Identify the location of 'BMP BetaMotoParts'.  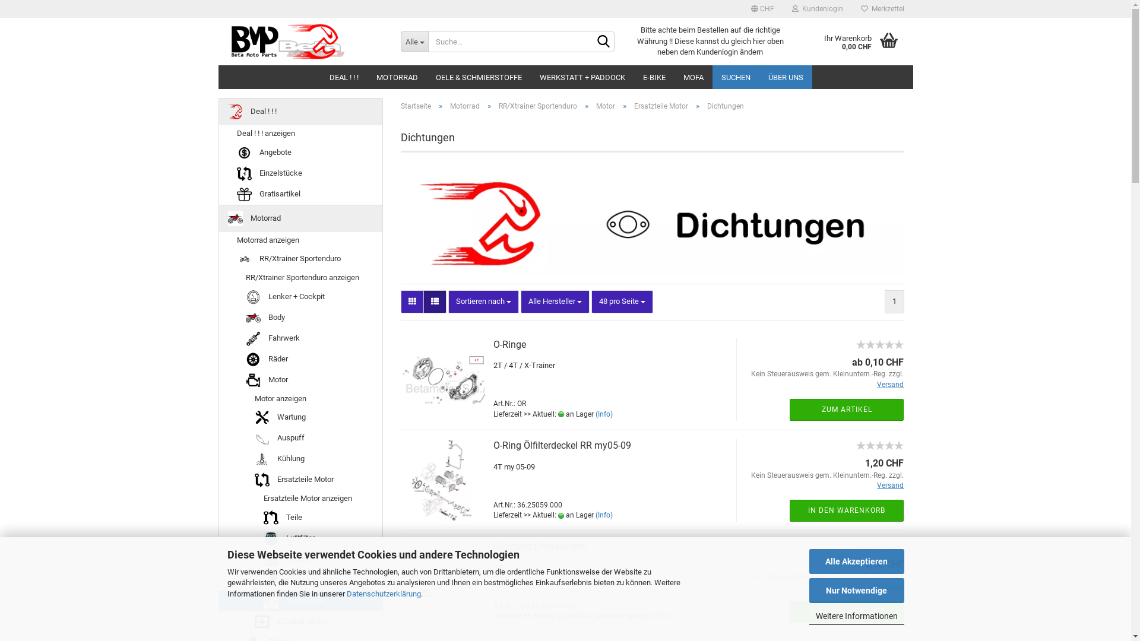
(305, 40).